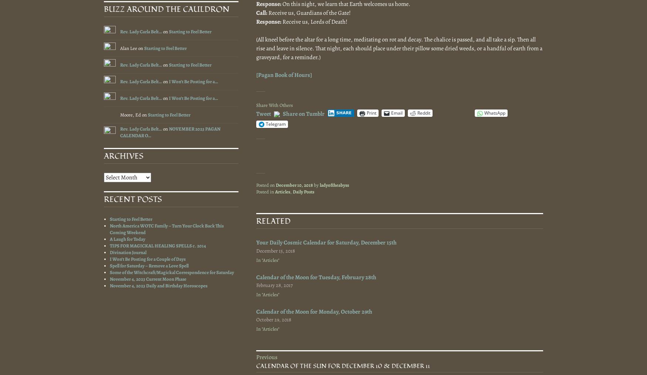 The image size is (647, 375). What do you see at coordinates (147, 259) in the screenshot?
I see `'I Won’t Be Posting for a Couple of Days'` at bounding box center [147, 259].